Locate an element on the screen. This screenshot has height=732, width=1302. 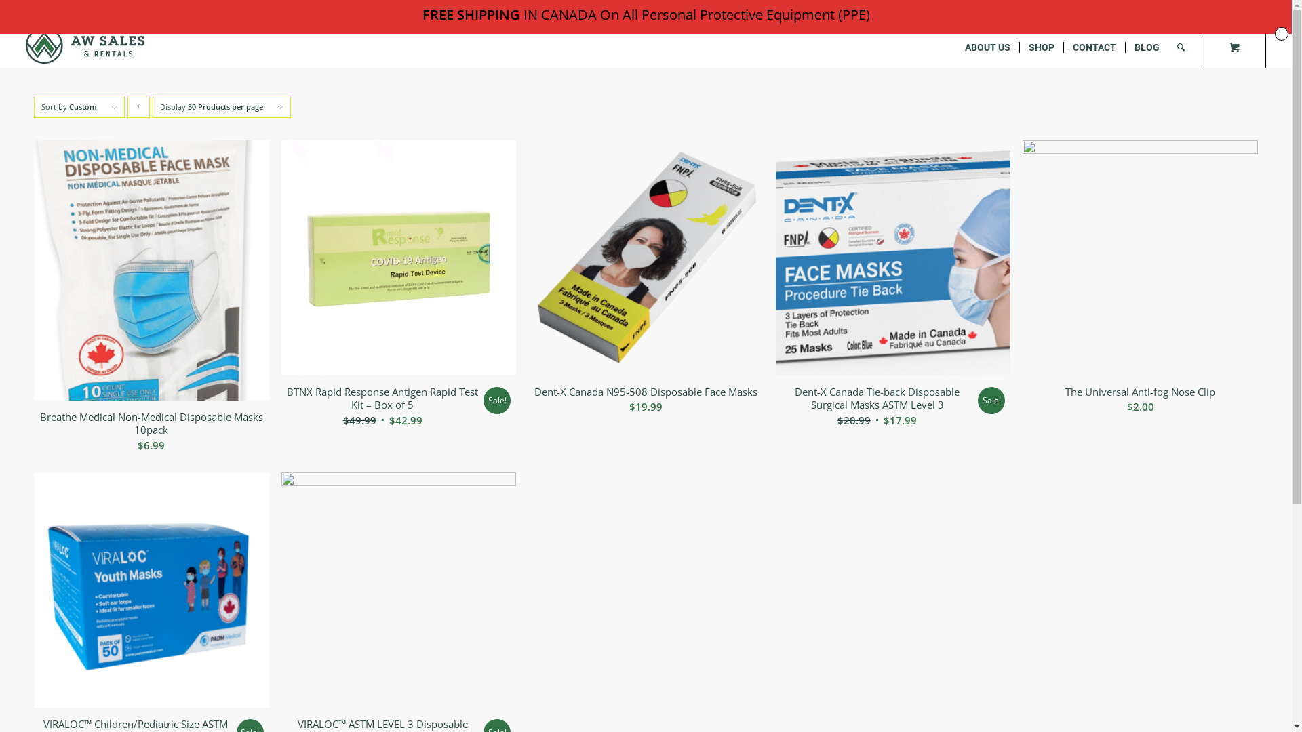
'LinkedIn' is located at coordinates (1235, 10).